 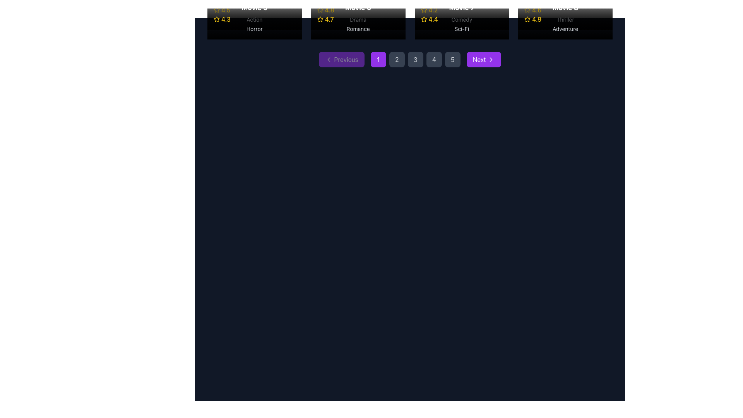 I want to click on the bold white text label 'Movie 8', so click(x=565, y=7).